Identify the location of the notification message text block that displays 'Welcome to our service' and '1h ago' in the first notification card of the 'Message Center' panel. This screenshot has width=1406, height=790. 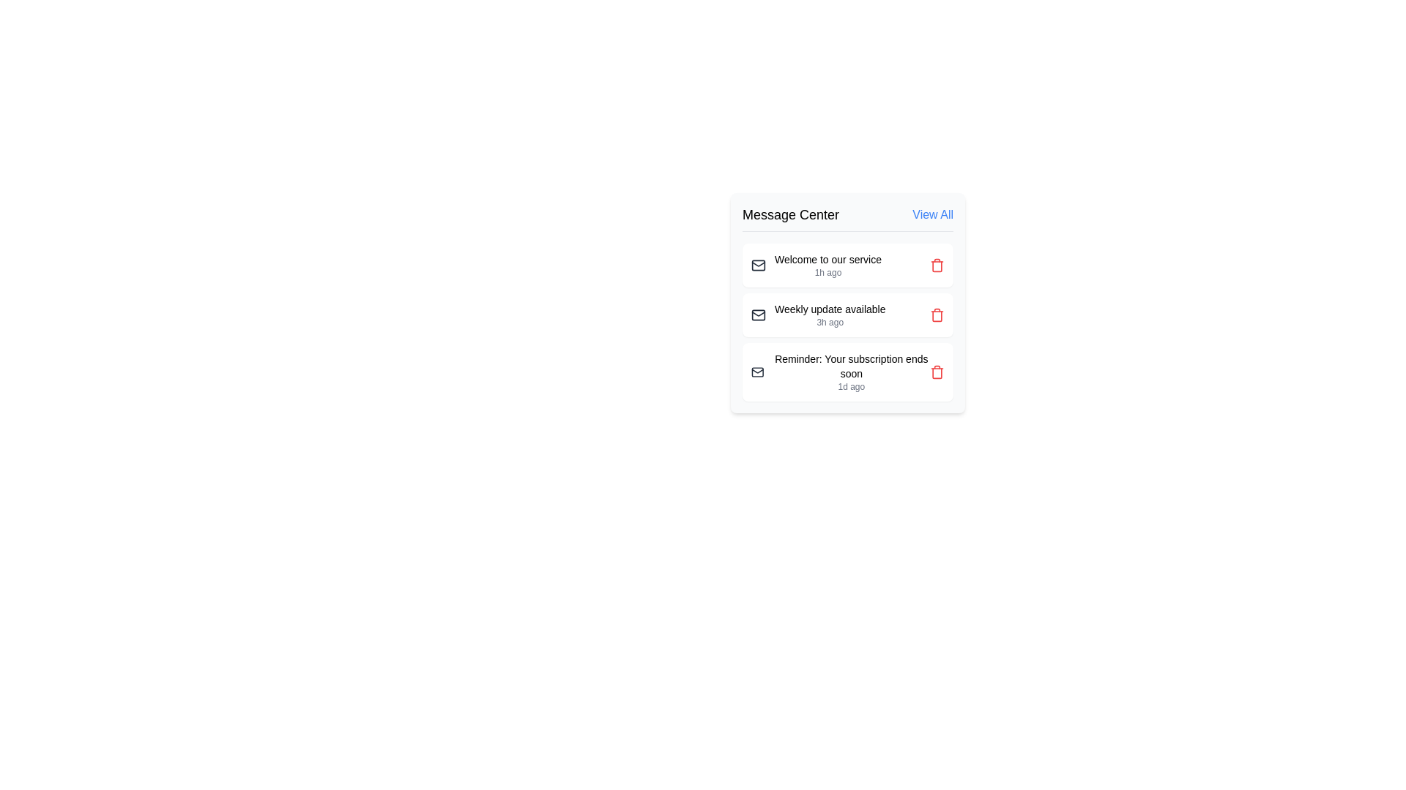
(828, 265).